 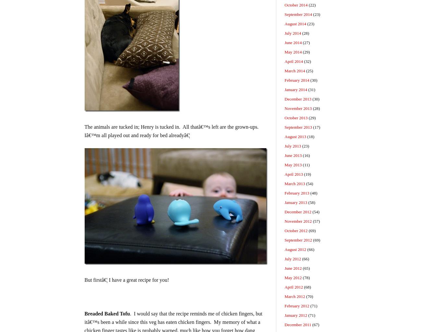 I want to click on '(27)', so click(x=305, y=42).